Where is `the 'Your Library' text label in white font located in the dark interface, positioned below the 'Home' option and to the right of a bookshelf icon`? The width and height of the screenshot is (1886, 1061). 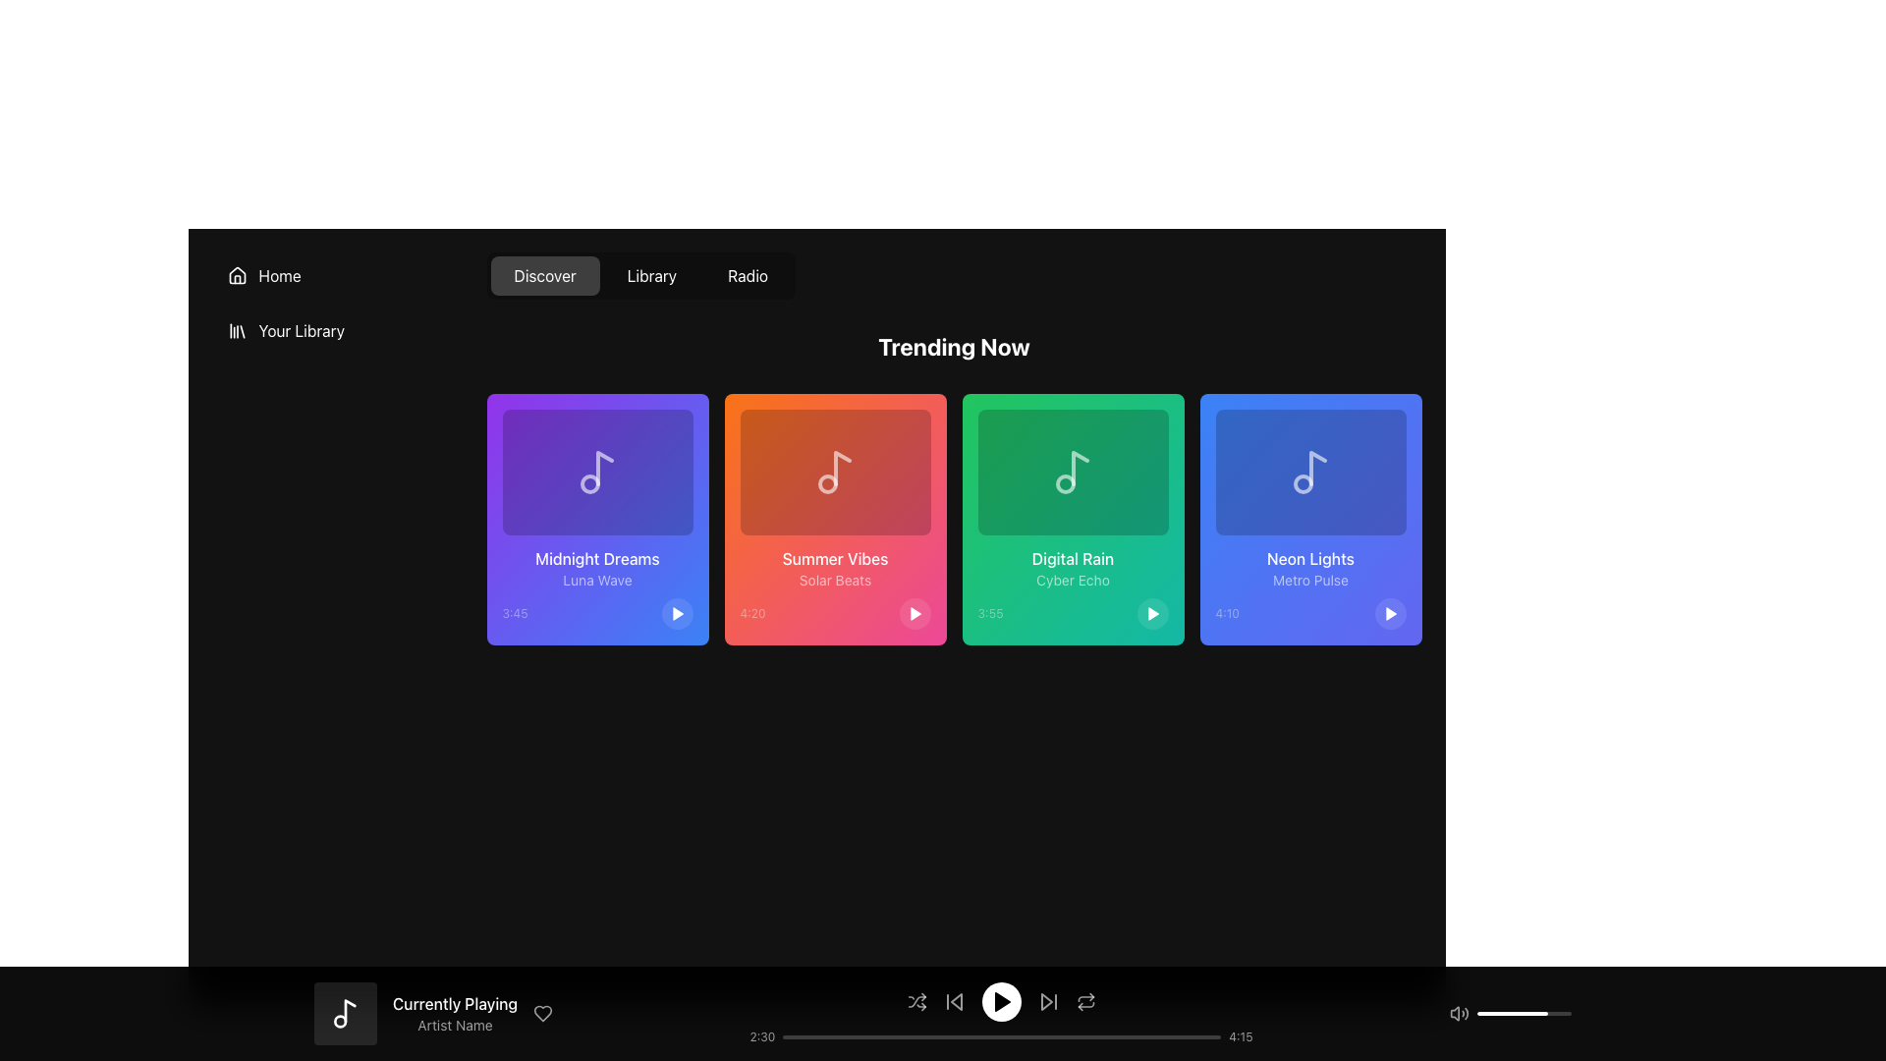 the 'Your Library' text label in white font located in the dark interface, positioned below the 'Home' option and to the right of a bookshelf icon is located at coordinates (301, 329).